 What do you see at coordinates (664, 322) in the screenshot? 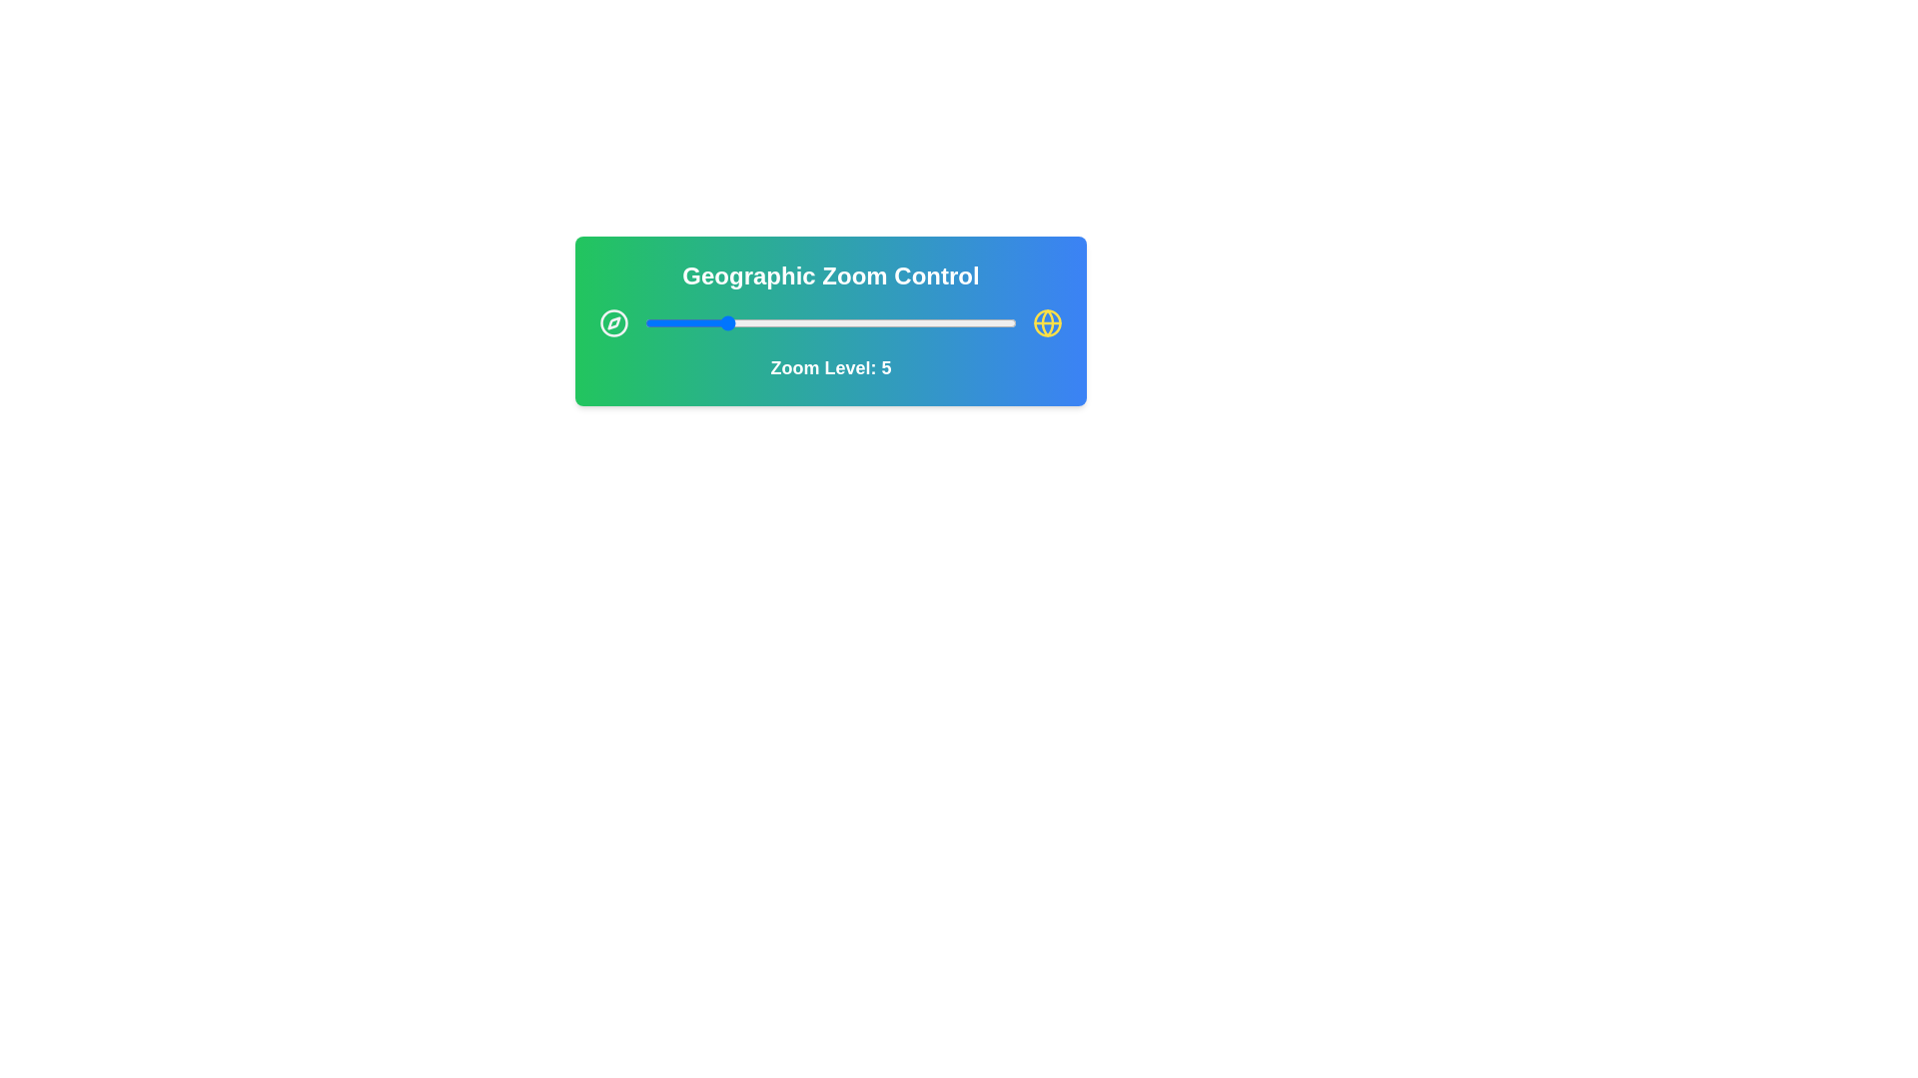
I see `the zoom level to 2 by interacting with the slider` at bounding box center [664, 322].